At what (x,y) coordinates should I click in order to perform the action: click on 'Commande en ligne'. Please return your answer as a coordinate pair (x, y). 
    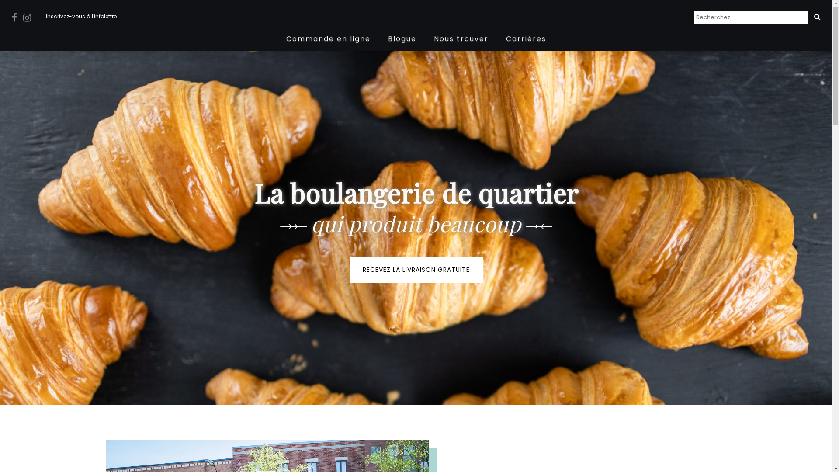
    Looking at the image, I should click on (328, 38).